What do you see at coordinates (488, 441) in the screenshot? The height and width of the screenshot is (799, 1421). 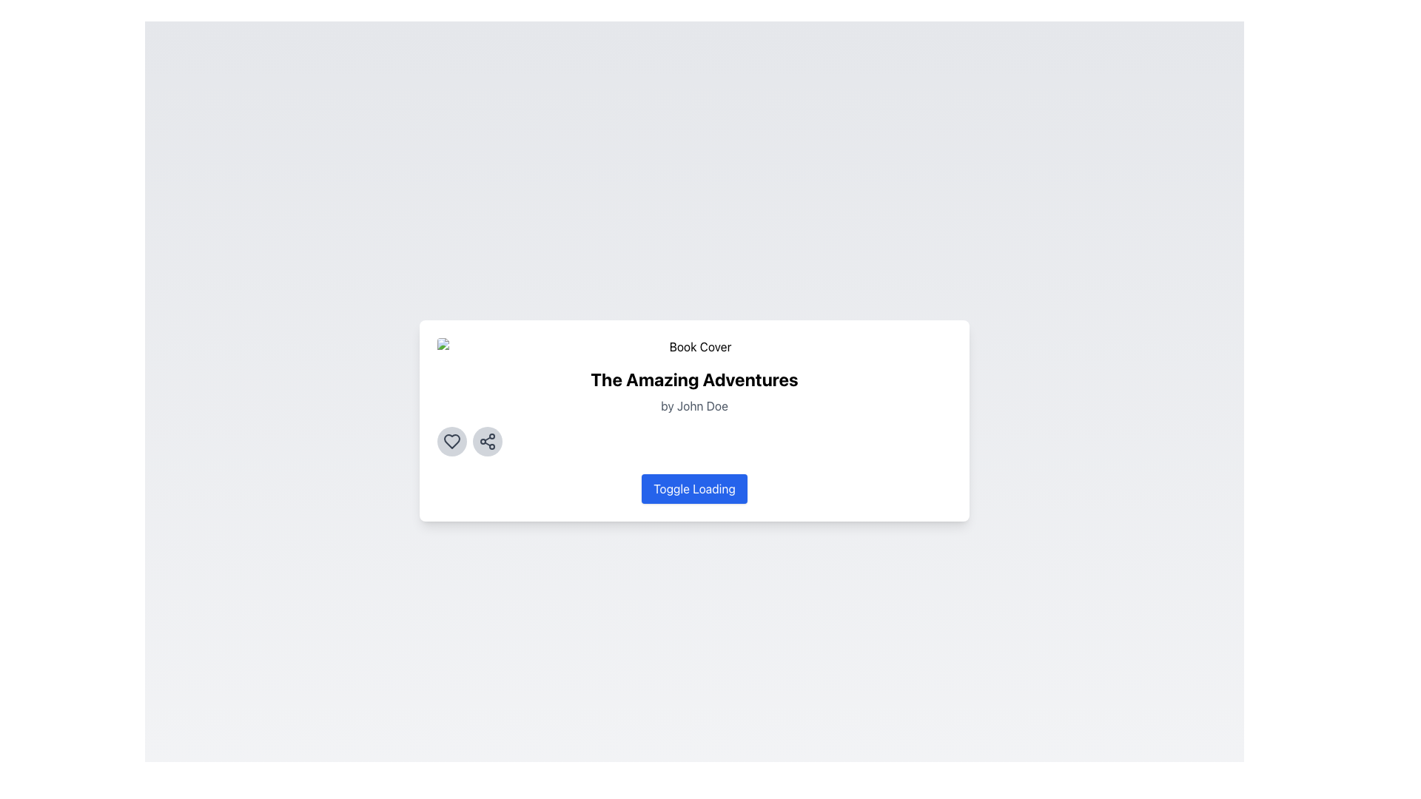 I see `the second circular sharing button located to the right of the heart-shaped button` at bounding box center [488, 441].